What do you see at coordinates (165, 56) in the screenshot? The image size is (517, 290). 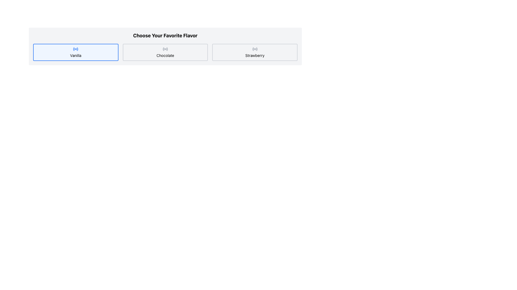 I see `text label indicating the option 'Chocolate' in the middle of the selection group` at bounding box center [165, 56].